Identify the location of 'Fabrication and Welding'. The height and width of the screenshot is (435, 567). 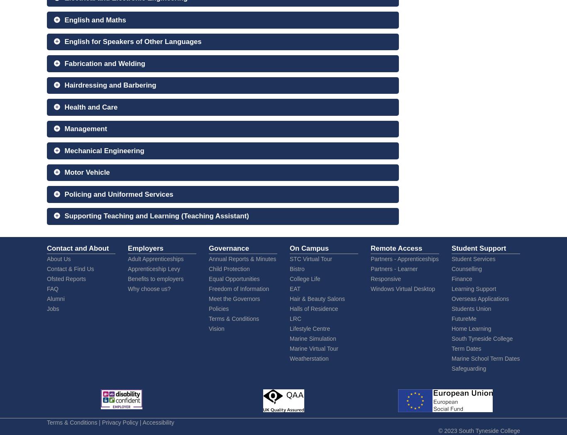
(105, 63).